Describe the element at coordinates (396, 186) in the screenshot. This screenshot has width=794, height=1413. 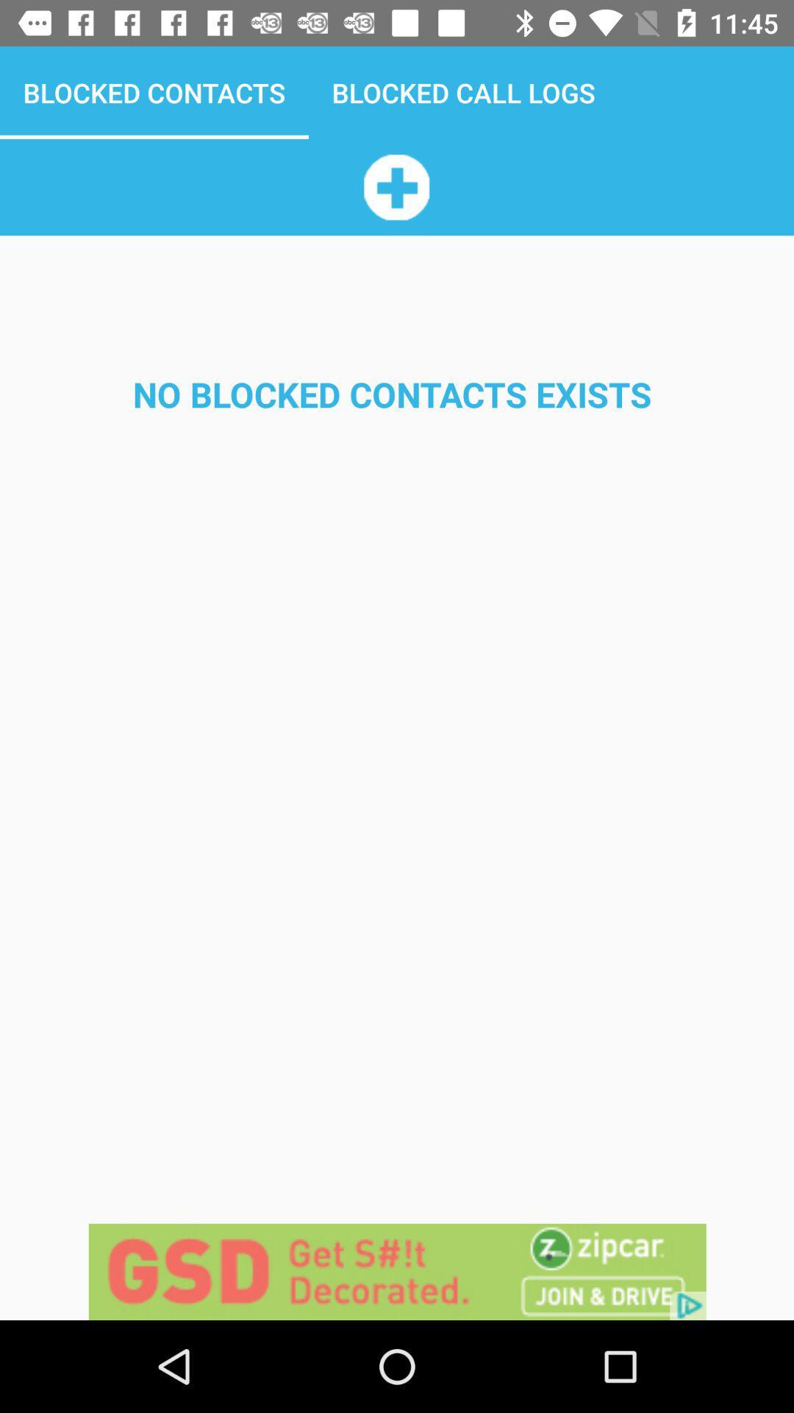
I see `a number` at that location.